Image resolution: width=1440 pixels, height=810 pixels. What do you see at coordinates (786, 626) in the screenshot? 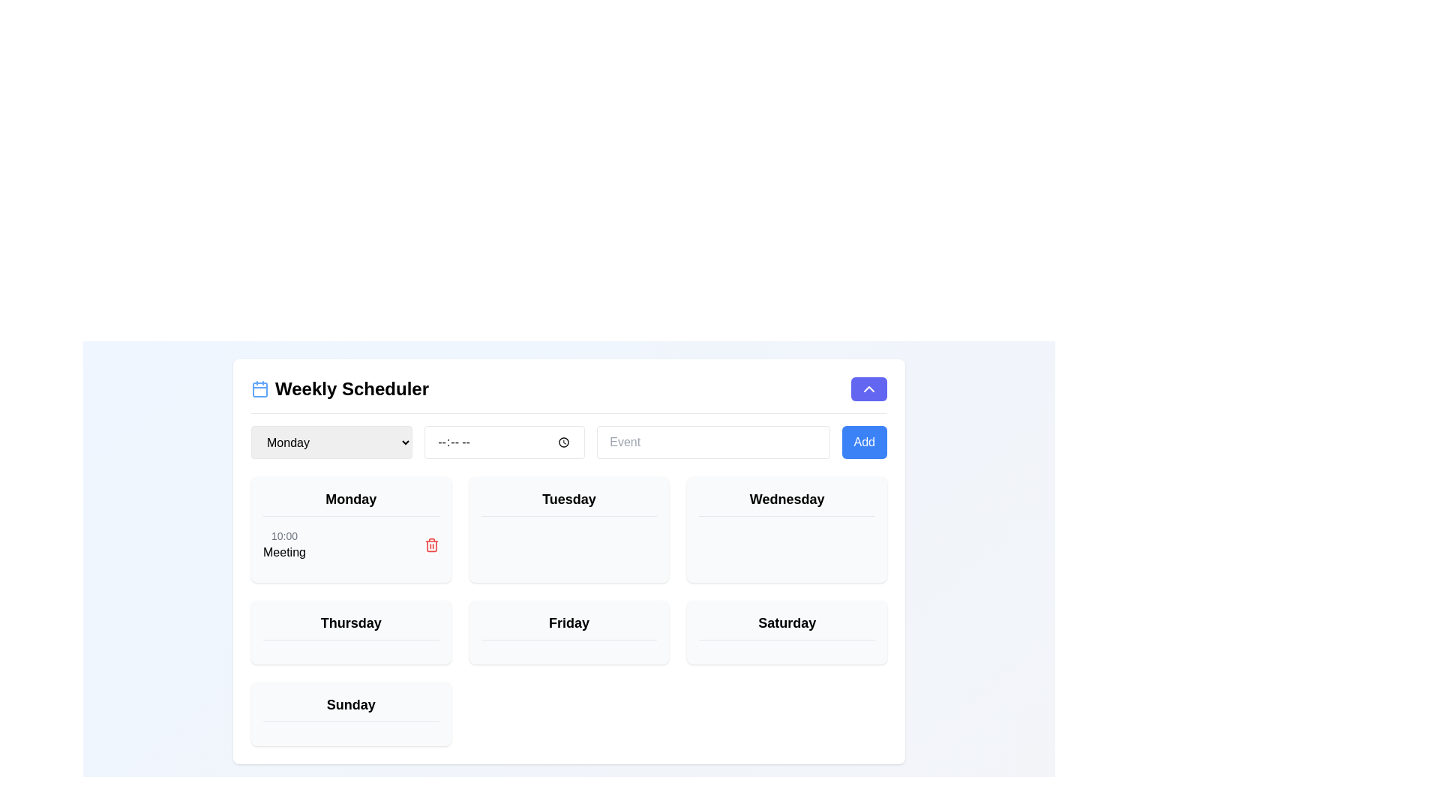
I see `the 'Saturday' header in the scheduling interface` at bounding box center [786, 626].